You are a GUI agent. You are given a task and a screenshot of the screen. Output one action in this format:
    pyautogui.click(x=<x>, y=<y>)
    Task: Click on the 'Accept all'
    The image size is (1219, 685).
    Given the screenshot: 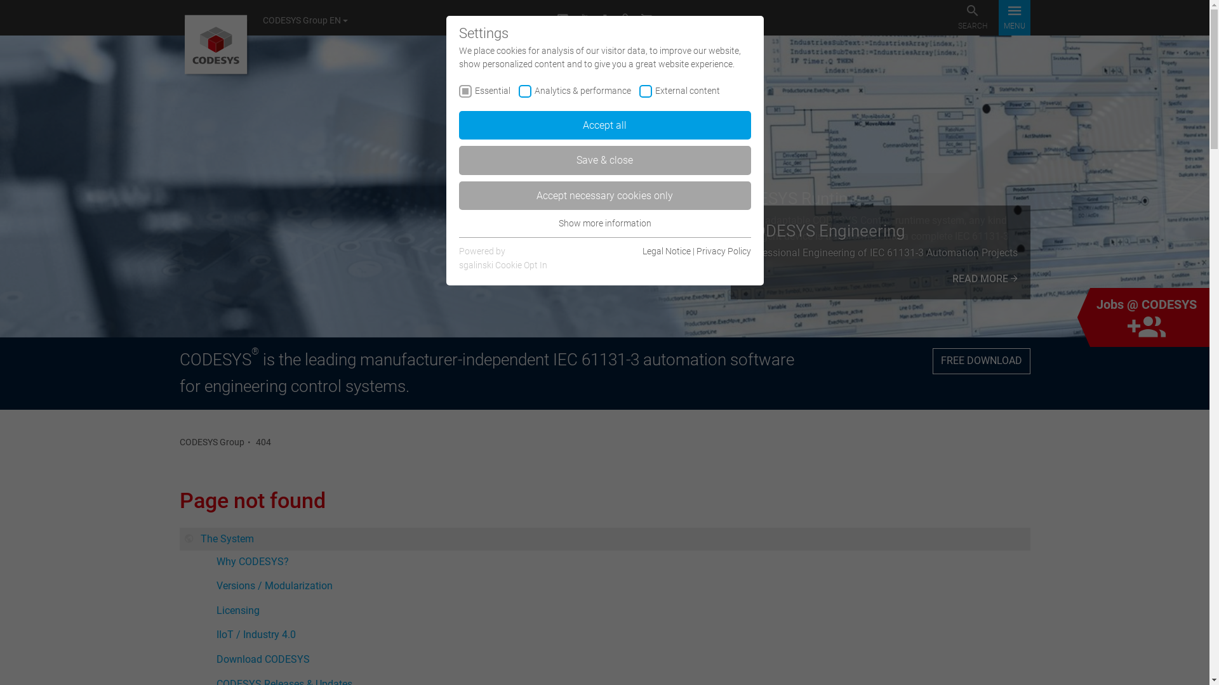 What is the action you would take?
    pyautogui.click(x=603, y=125)
    